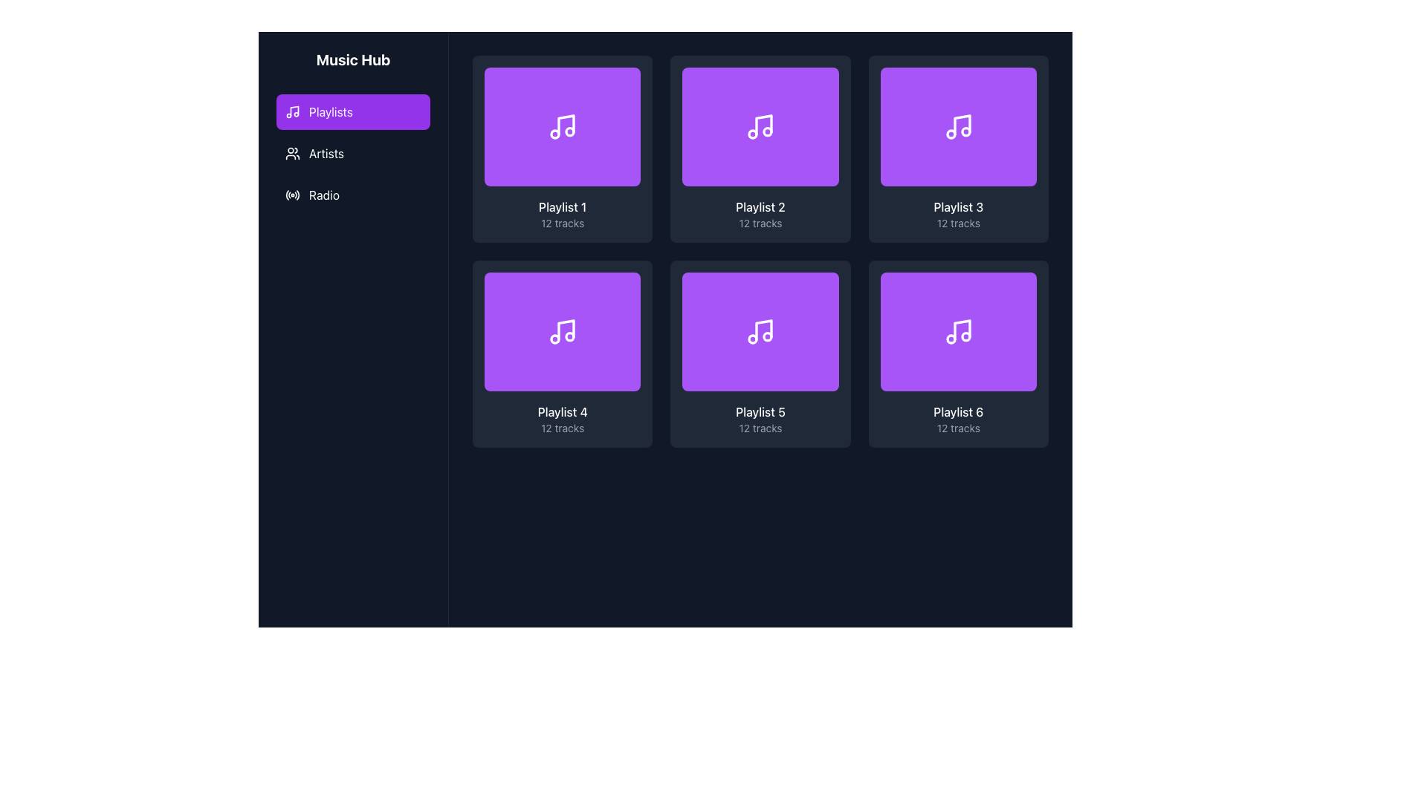 The height and width of the screenshot is (802, 1427). Describe the element at coordinates (760, 428) in the screenshot. I see `the small text label displaying '12 tracks', which is located at the bottom of the 'Playlist 5' card in the middle column of the grid layout` at that location.